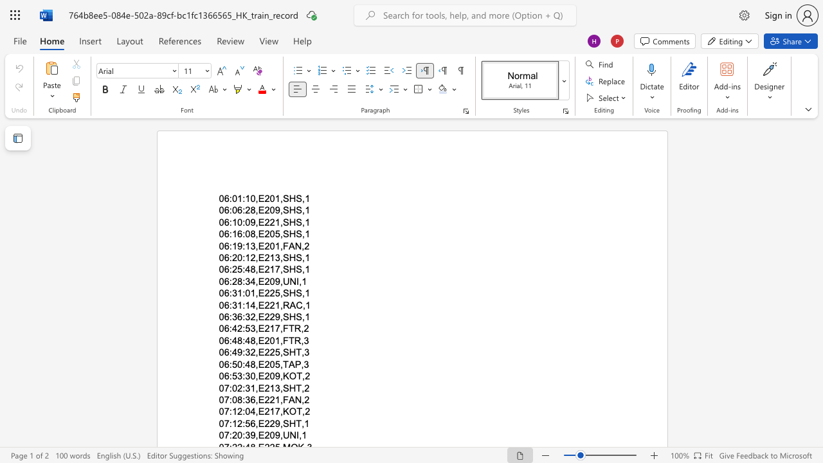  What do you see at coordinates (224, 328) in the screenshot?
I see `the subset text "6:42:53,E217" within the text "06:42:53,E217,FTR,2"` at bounding box center [224, 328].